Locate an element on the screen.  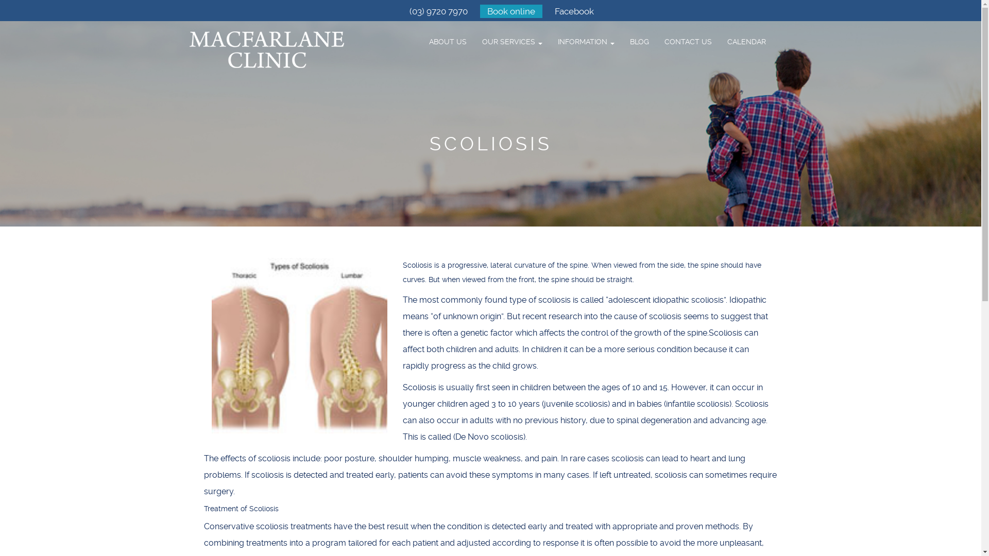
'CONTACT US' is located at coordinates (687, 41).